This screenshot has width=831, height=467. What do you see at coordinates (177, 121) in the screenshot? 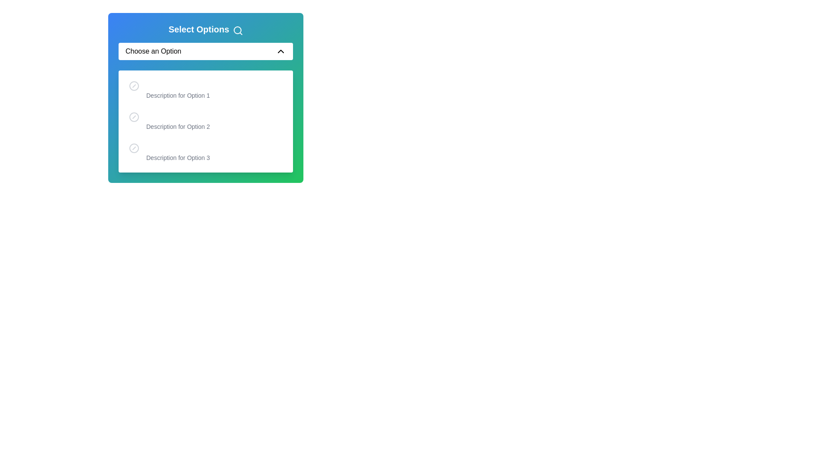
I see `description of 'Option 2' in the interactive menu, which includes the bold text 'Option 2' and the smaller line 'Description for Option 2'` at bounding box center [177, 121].